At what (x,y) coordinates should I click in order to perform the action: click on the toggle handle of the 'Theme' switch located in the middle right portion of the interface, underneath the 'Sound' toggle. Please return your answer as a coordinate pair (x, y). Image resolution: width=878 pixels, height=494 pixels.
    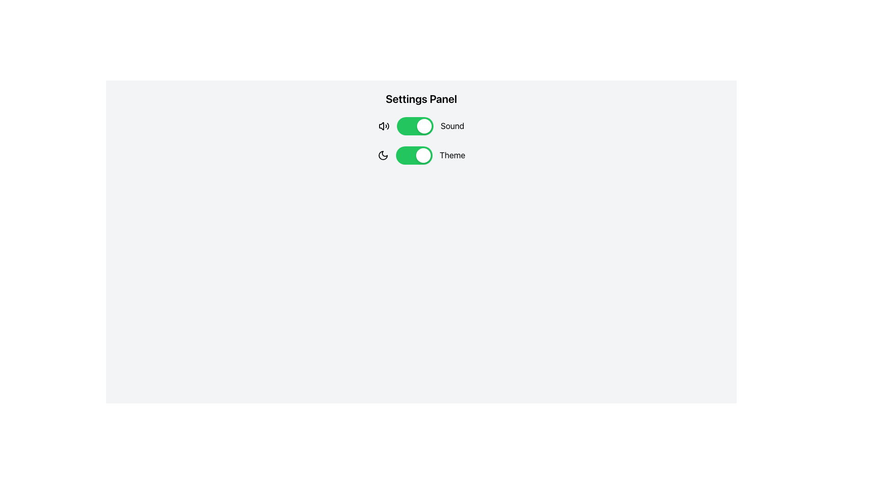
    Looking at the image, I should click on (430, 155).